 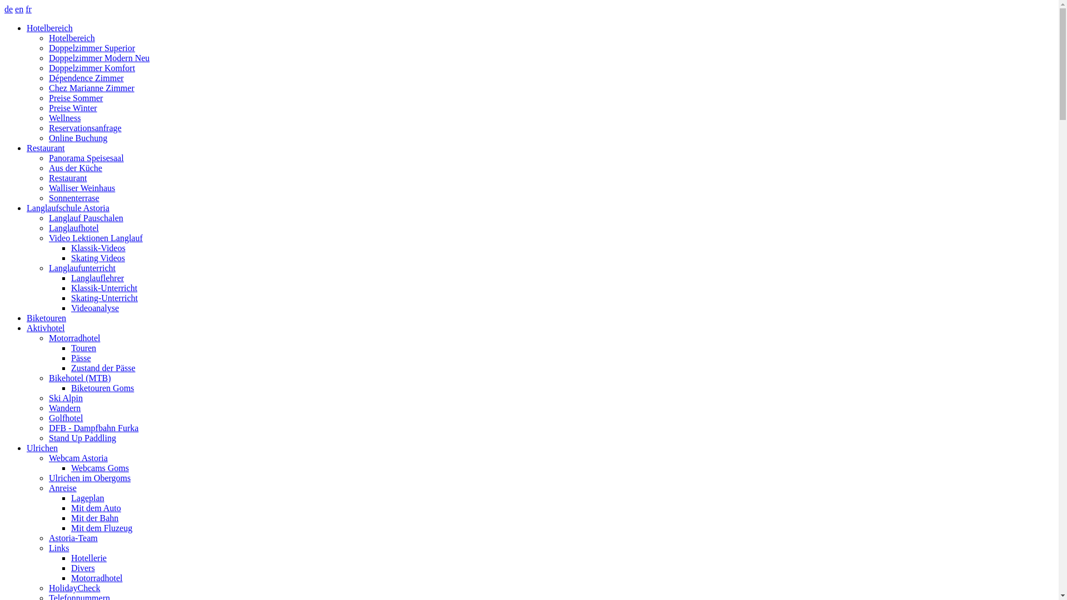 I want to click on 'Hotelbereich', so click(x=71, y=37).